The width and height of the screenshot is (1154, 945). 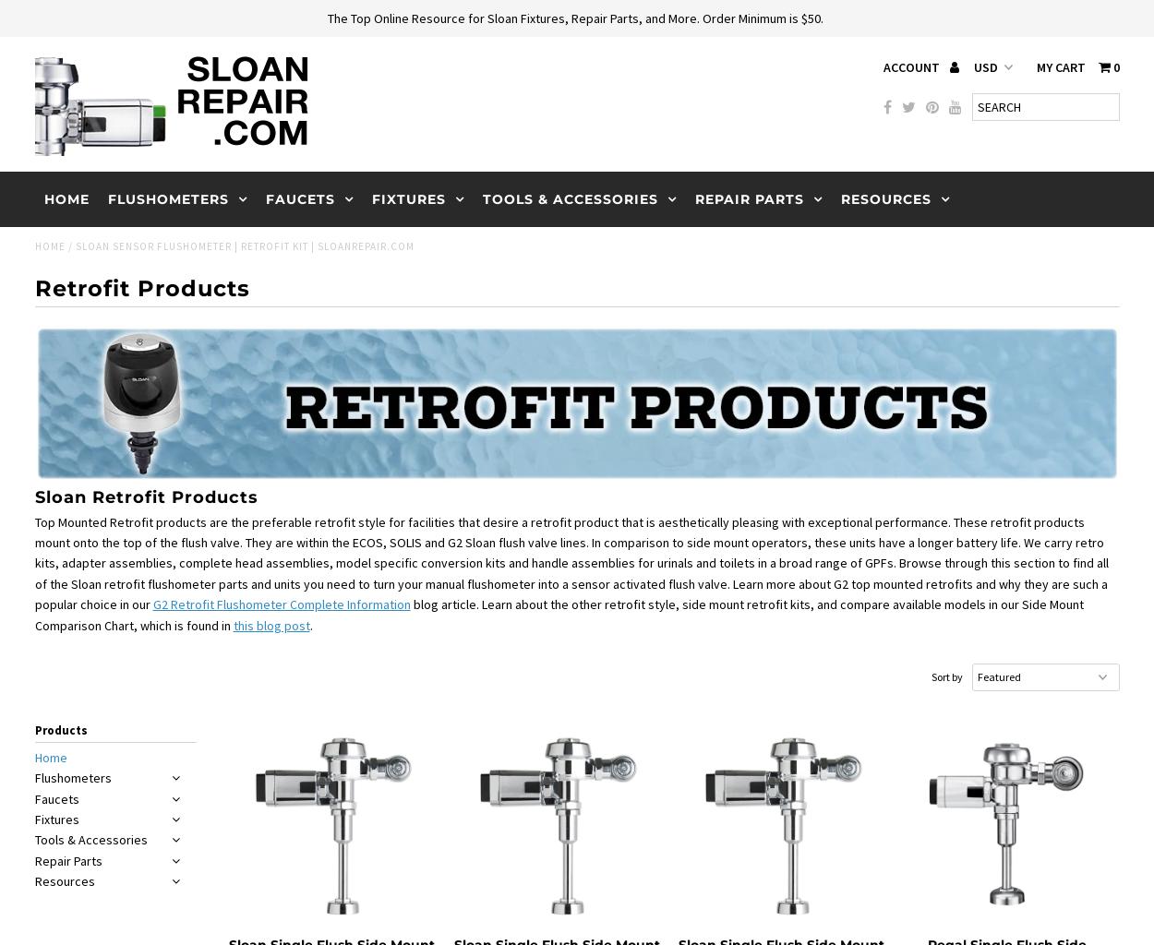 I want to click on 'blog article. Learn about the other retrofit style, side mount retrofit kits, and compare available models in our Side Mount Comparison Chart, which is found in', so click(x=558, y=614).